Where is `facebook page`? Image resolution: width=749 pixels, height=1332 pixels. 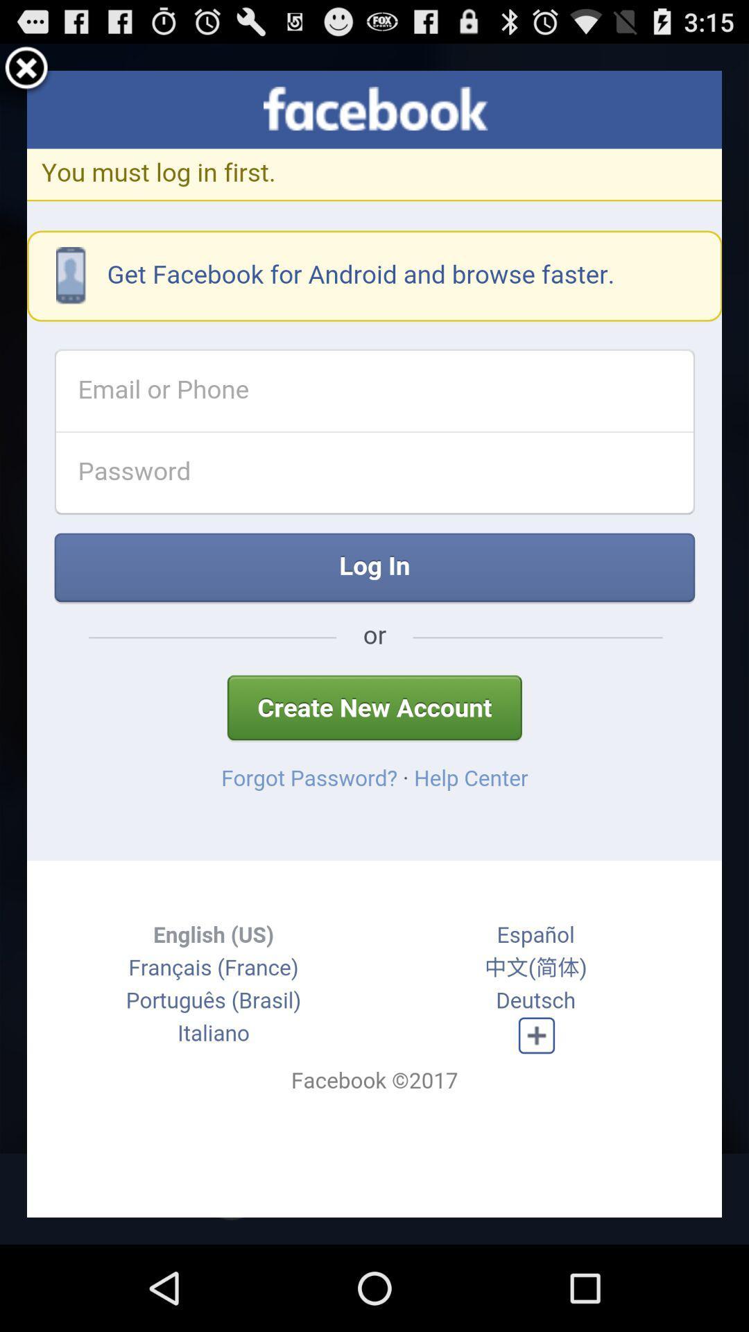
facebook page is located at coordinates (374, 643).